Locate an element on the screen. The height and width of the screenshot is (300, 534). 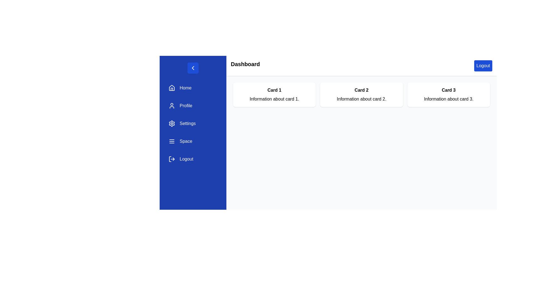
the blue sidebar button with a white chevron icon is located at coordinates (193, 68).